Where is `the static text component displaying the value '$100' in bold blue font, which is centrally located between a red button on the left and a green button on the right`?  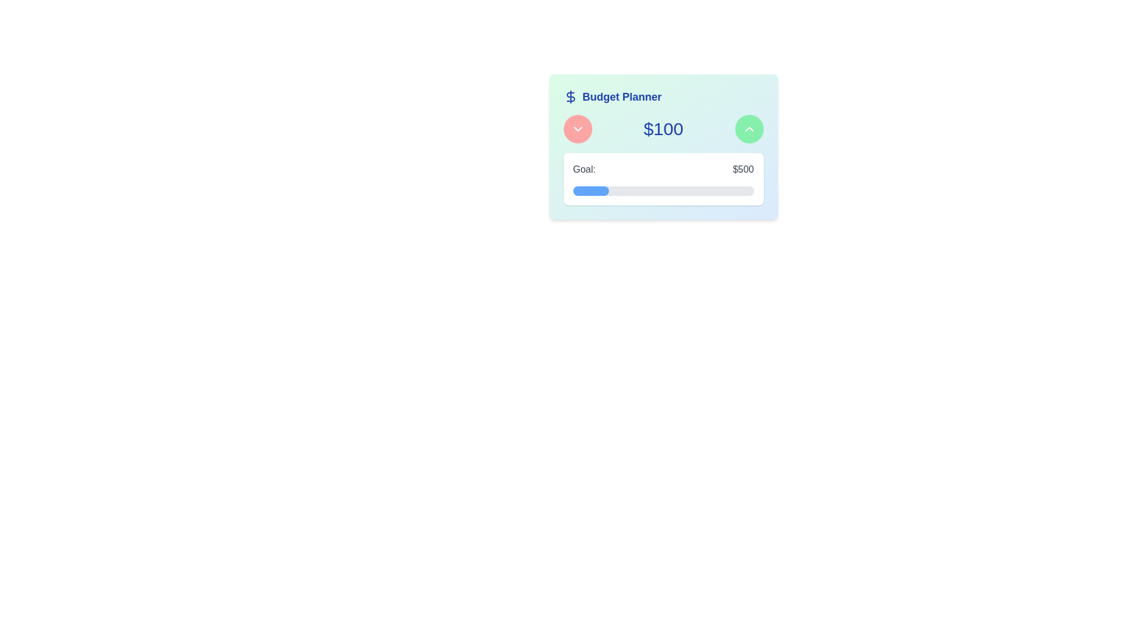 the static text component displaying the value '$100' in bold blue font, which is centrally located between a red button on the left and a green button on the right is located at coordinates (663, 129).